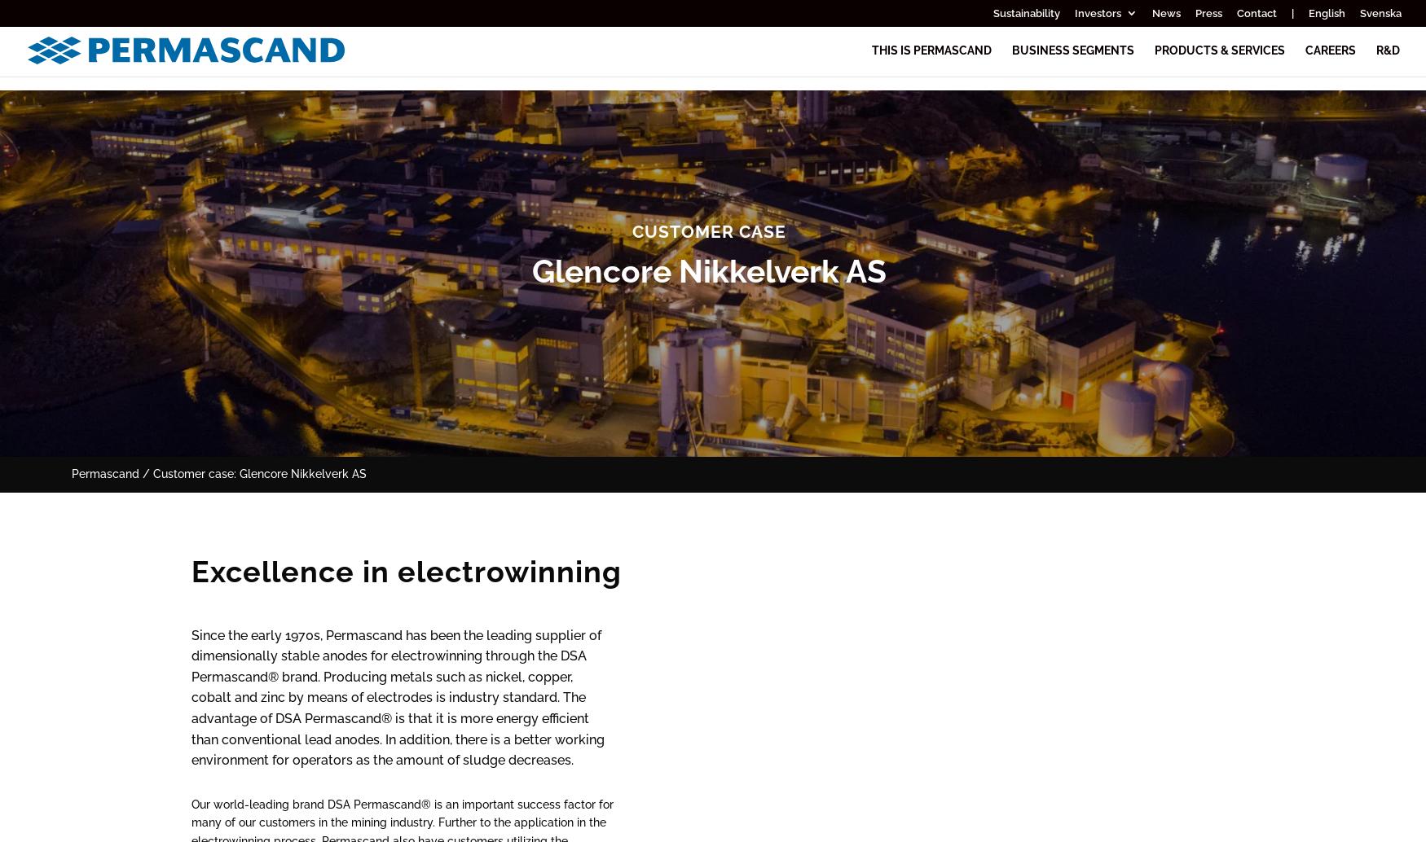  Describe the element at coordinates (1195, 408) in the screenshot. I see `'Remuneration'` at that location.